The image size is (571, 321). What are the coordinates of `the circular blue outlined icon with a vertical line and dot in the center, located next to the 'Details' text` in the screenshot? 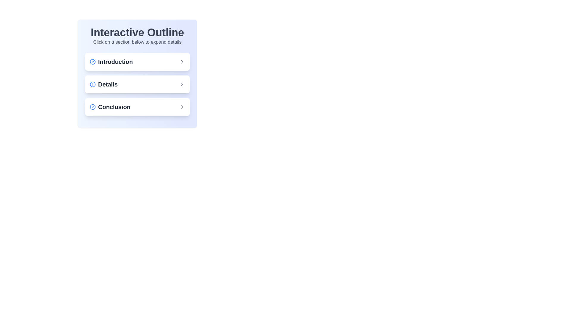 It's located at (92, 84).